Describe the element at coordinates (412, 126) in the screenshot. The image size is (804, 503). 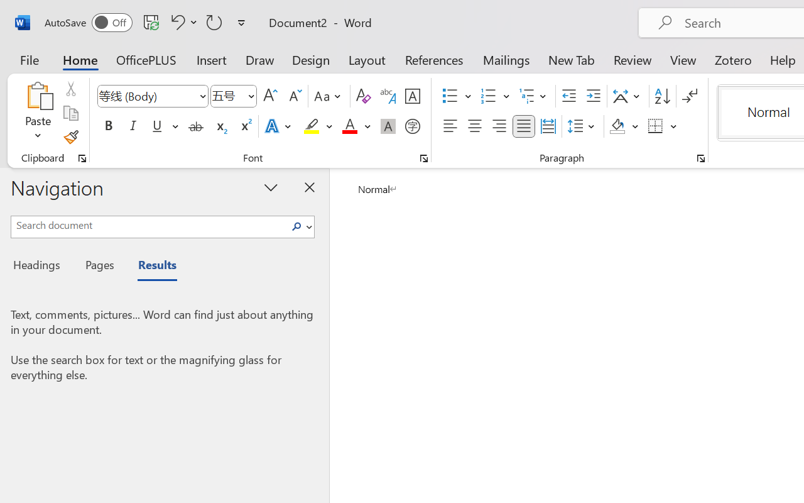
I see `'Enclose Characters...'` at that location.